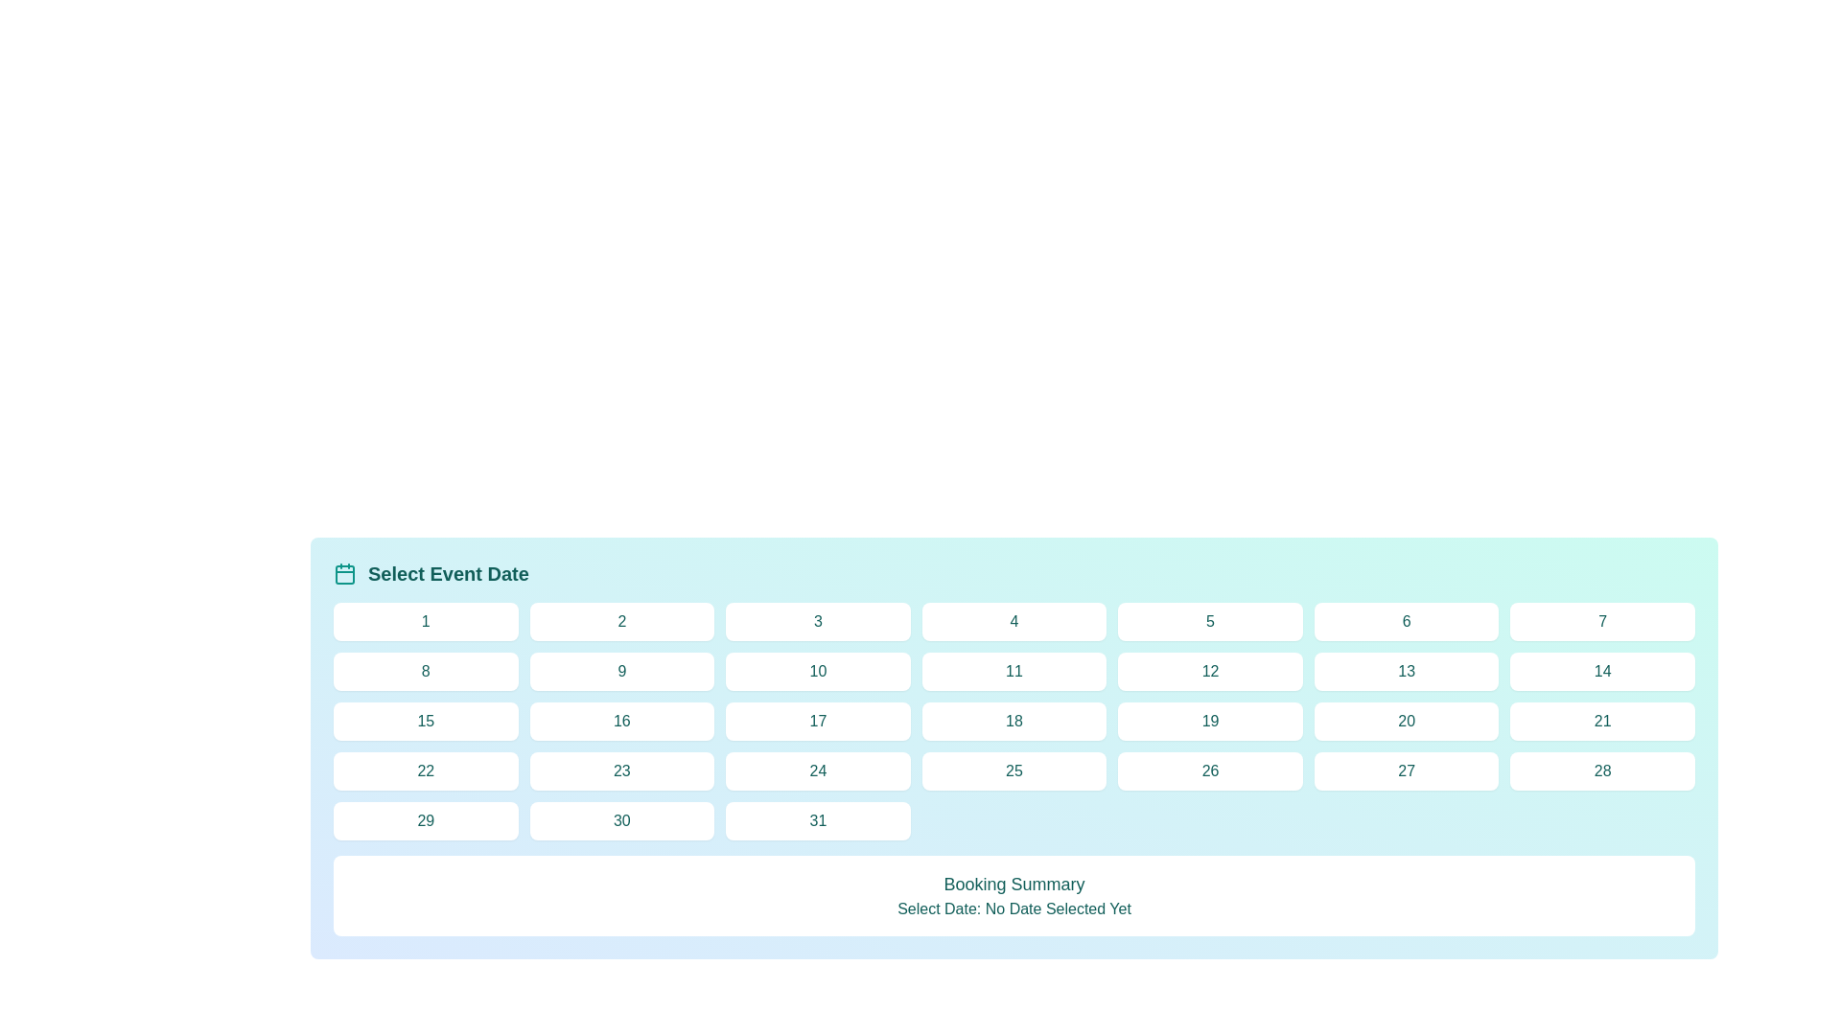 This screenshot has height=1035, width=1841. Describe the element at coordinates (1209, 721) in the screenshot. I see `the rounded rectangular button with white background and teal-colored text '19'` at that location.